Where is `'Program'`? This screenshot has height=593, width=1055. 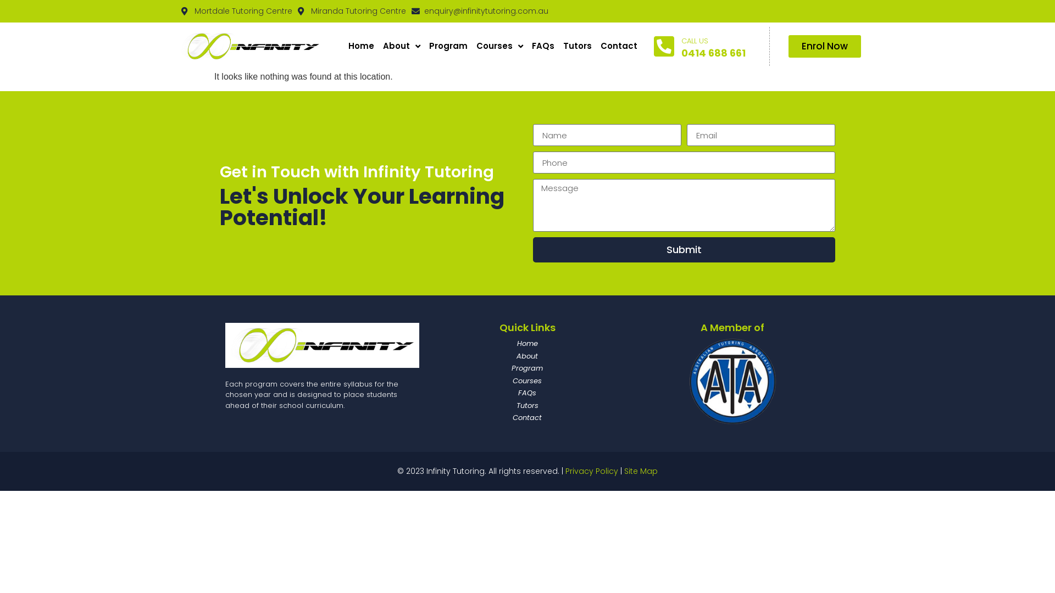
'Program' is located at coordinates (448, 46).